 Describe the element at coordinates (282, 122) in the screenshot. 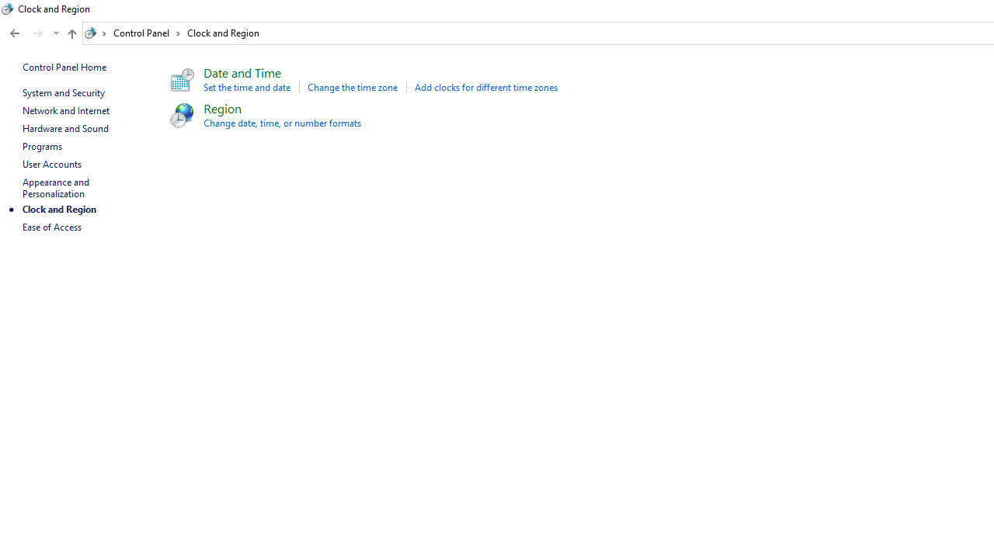

I see `'Change date, time, or number formats'` at that location.